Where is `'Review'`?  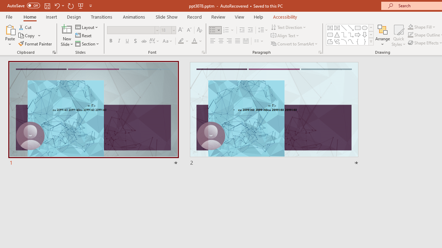 'Review' is located at coordinates (218, 17).